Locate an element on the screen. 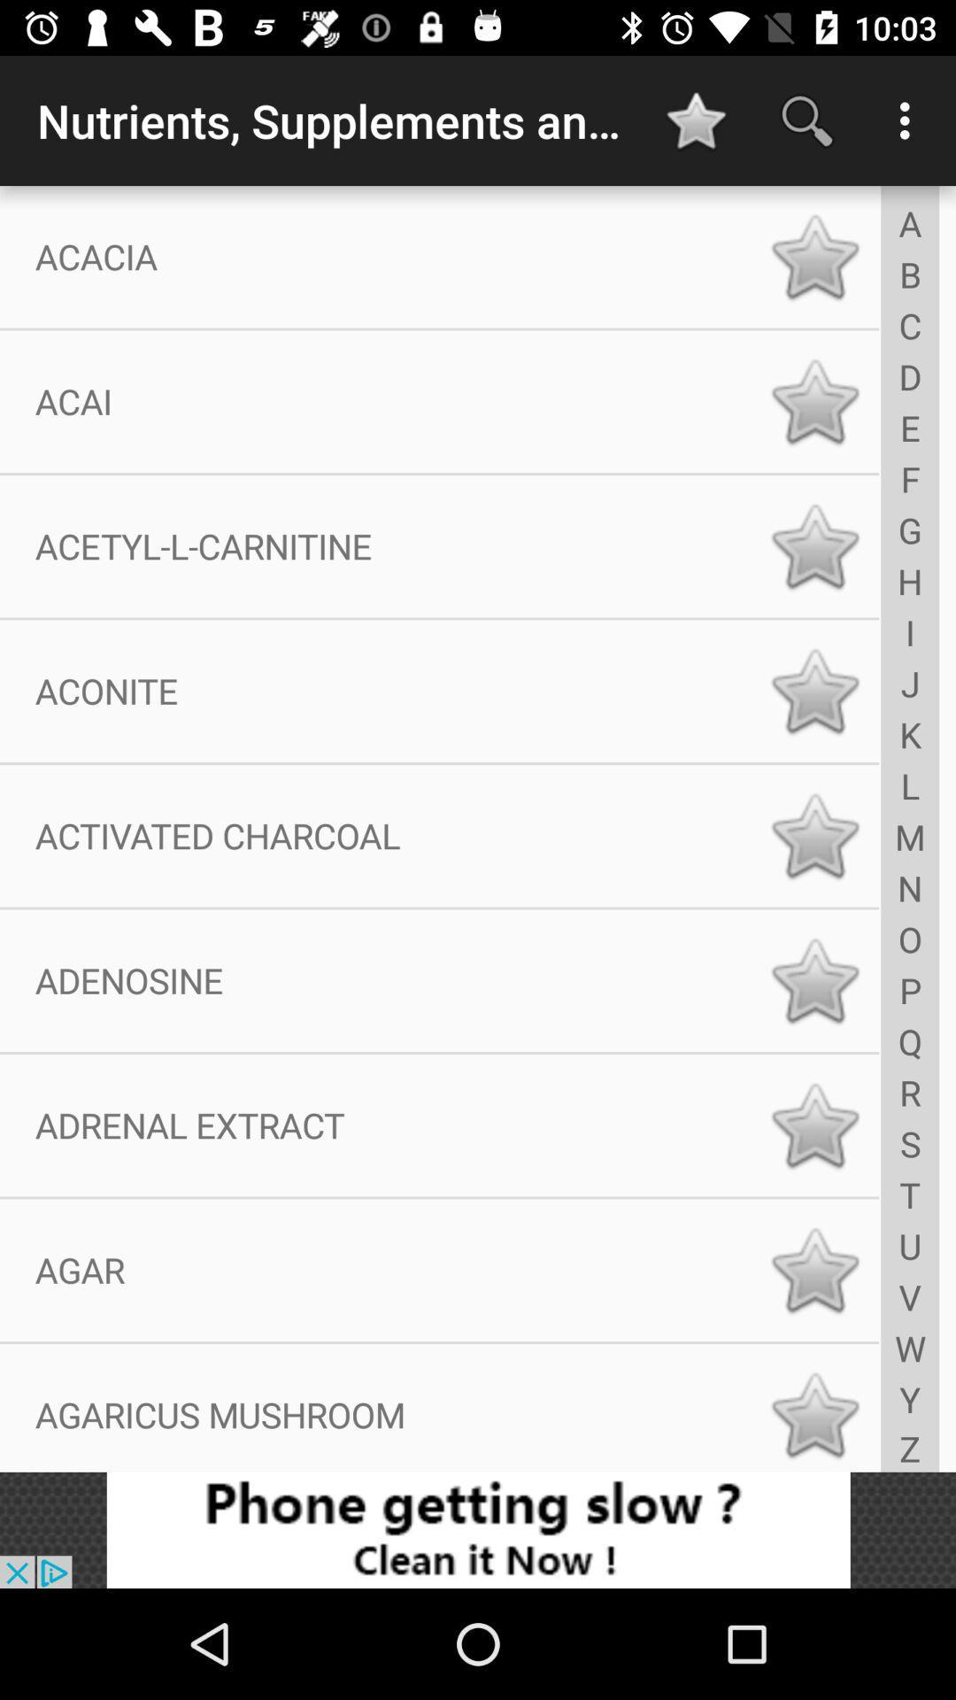  favorite is located at coordinates (814, 256).